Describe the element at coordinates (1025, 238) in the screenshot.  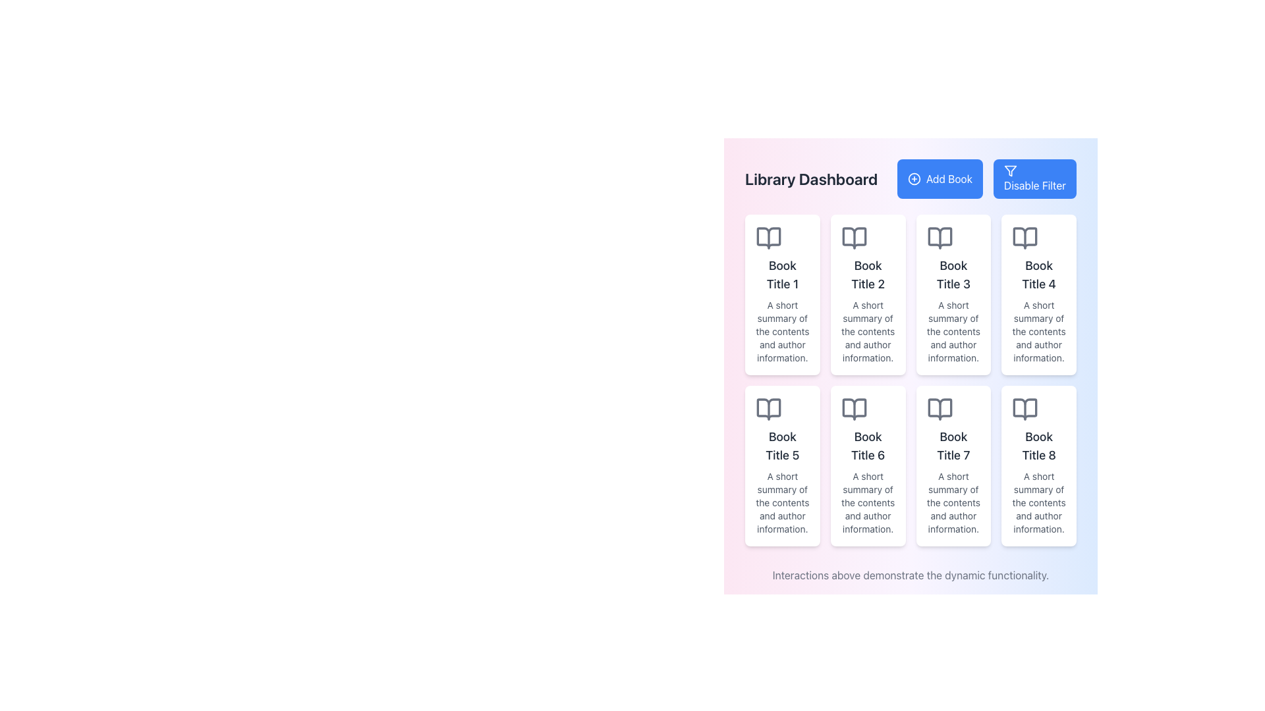
I see `the light gray book icon outlined with strokes located at the top-left corner of the card displaying 'Book Title 4'` at that location.